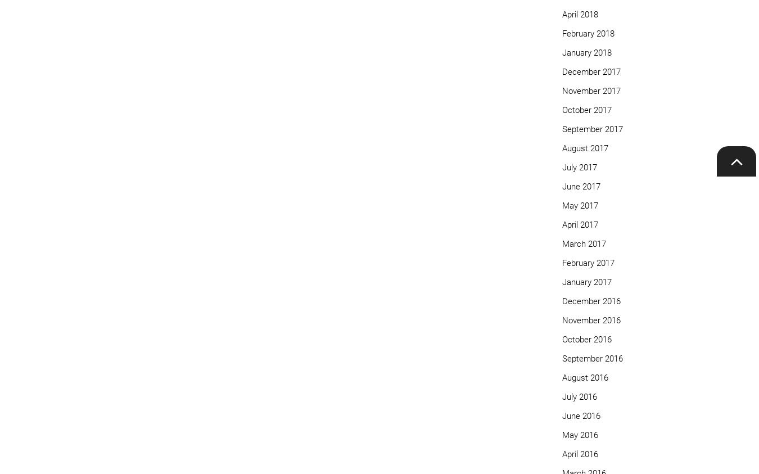  What do you see at coordinates (586, 281) in the screenshot?
I see `'January 2017'` at bounding box center [586, 281].